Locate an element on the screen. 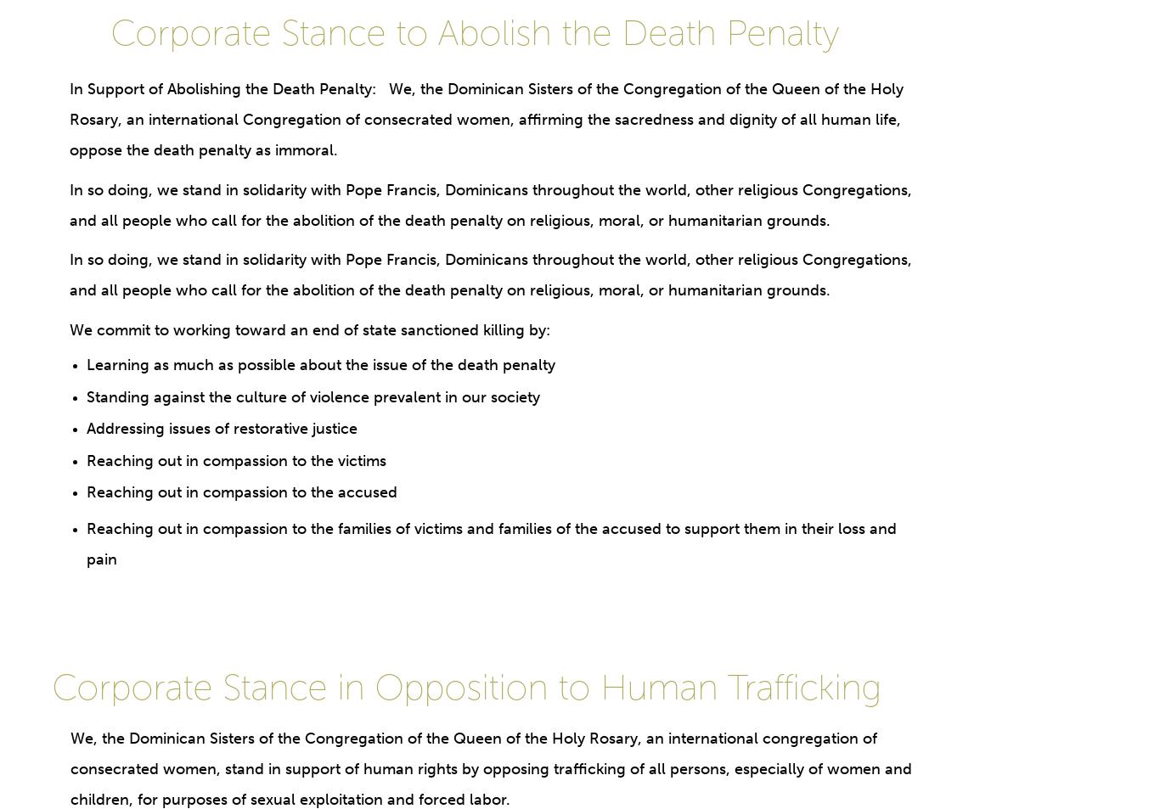 The image size is (1160, 809). 'Learning as much as possible about the issue of the death penalty' is located at coordinates (319, 363).